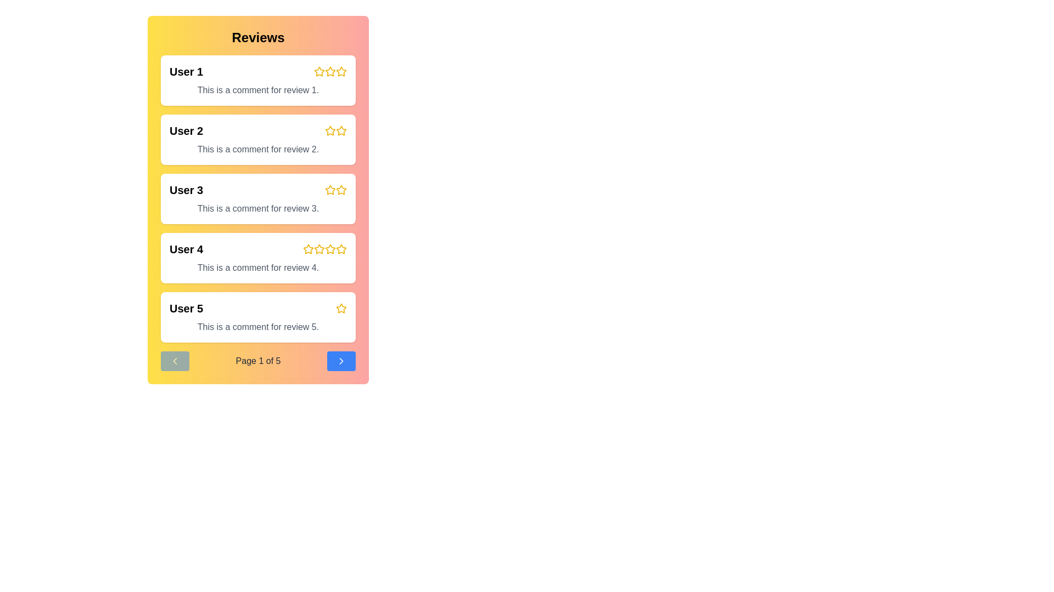  I want to click on the fifth star icon in the star rating system for 'User 5', so click(341, 308).